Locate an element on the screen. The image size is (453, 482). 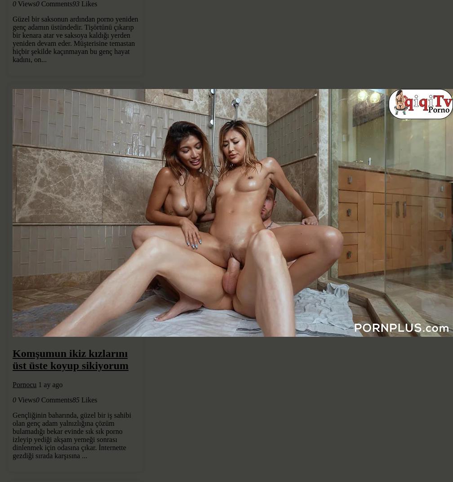
'85' is located at coordinates (71, 400).